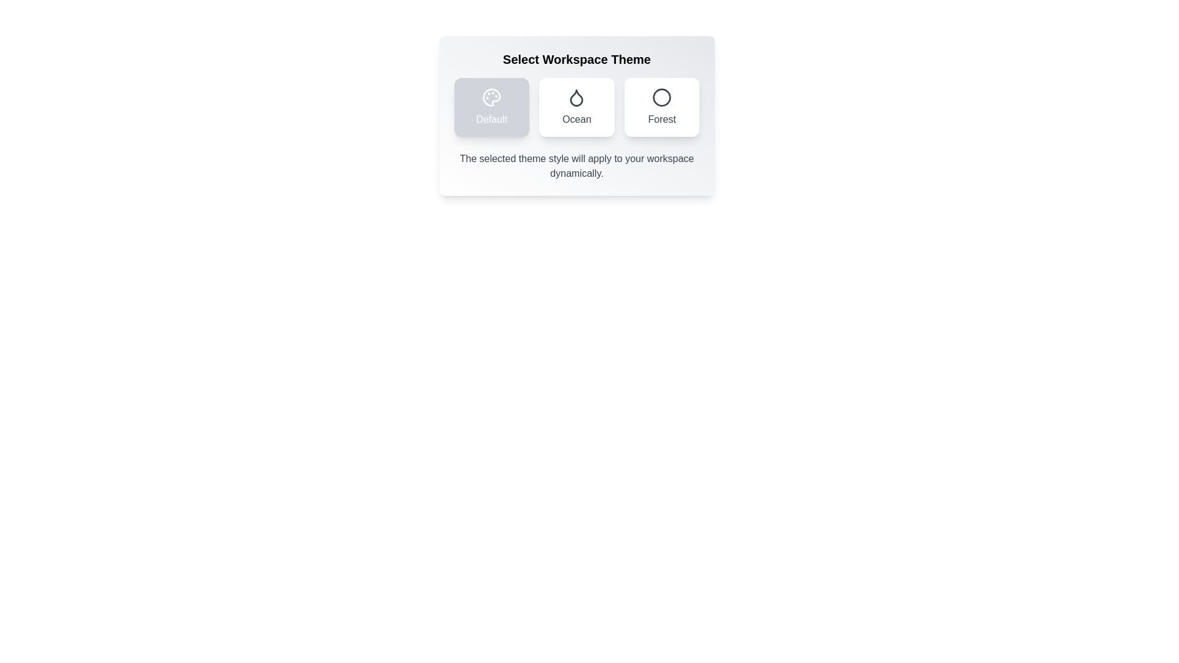  Describe the element at coordinates (576, 106) in the screenshot. I see `the button corresponding to the Ocean theme` at that location.